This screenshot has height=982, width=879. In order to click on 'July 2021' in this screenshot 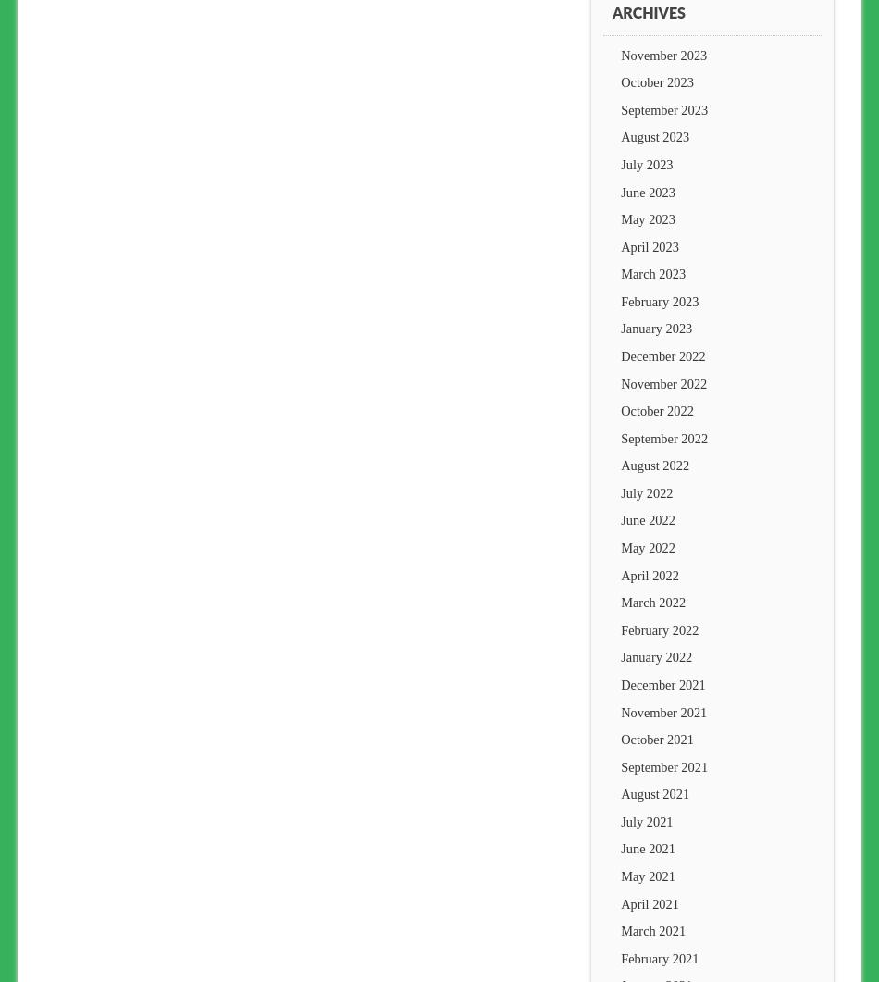, I will do `click(647, 819)`.